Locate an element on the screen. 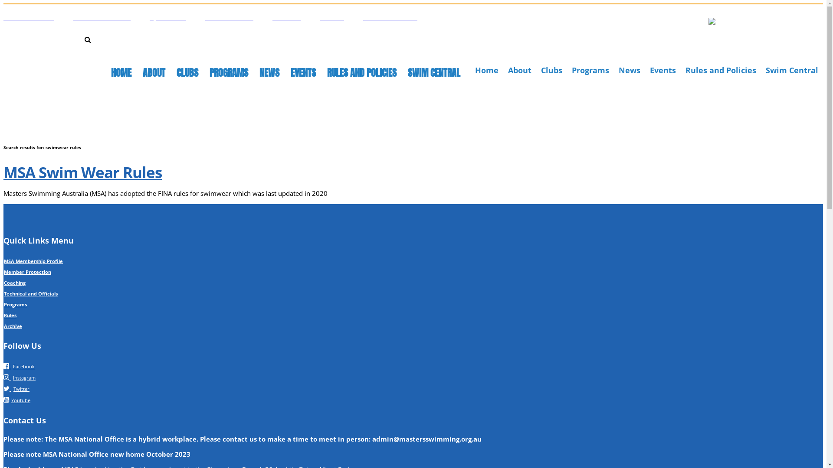 The width and height of the screenshot is (833, 468). 'RULES AND POLICIES' is located at coordinates (326, 72).